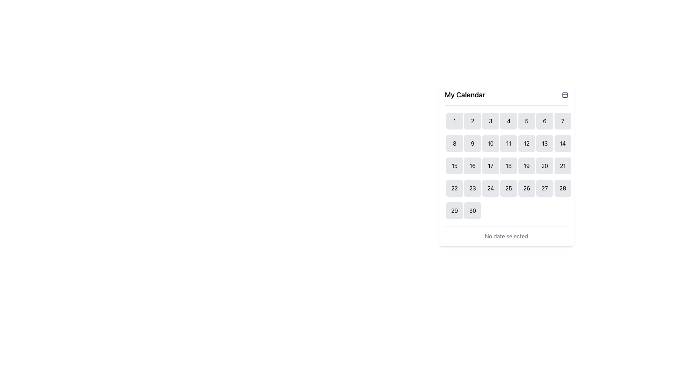 The width and height of the screenshot is (673, 378). Describe the element at coordinates (465, 94) in the screenshot. I see `the 'My Calendar' text label, which is bold and prominently displayed in the upper-left corner of the calendar UI header` at that location.